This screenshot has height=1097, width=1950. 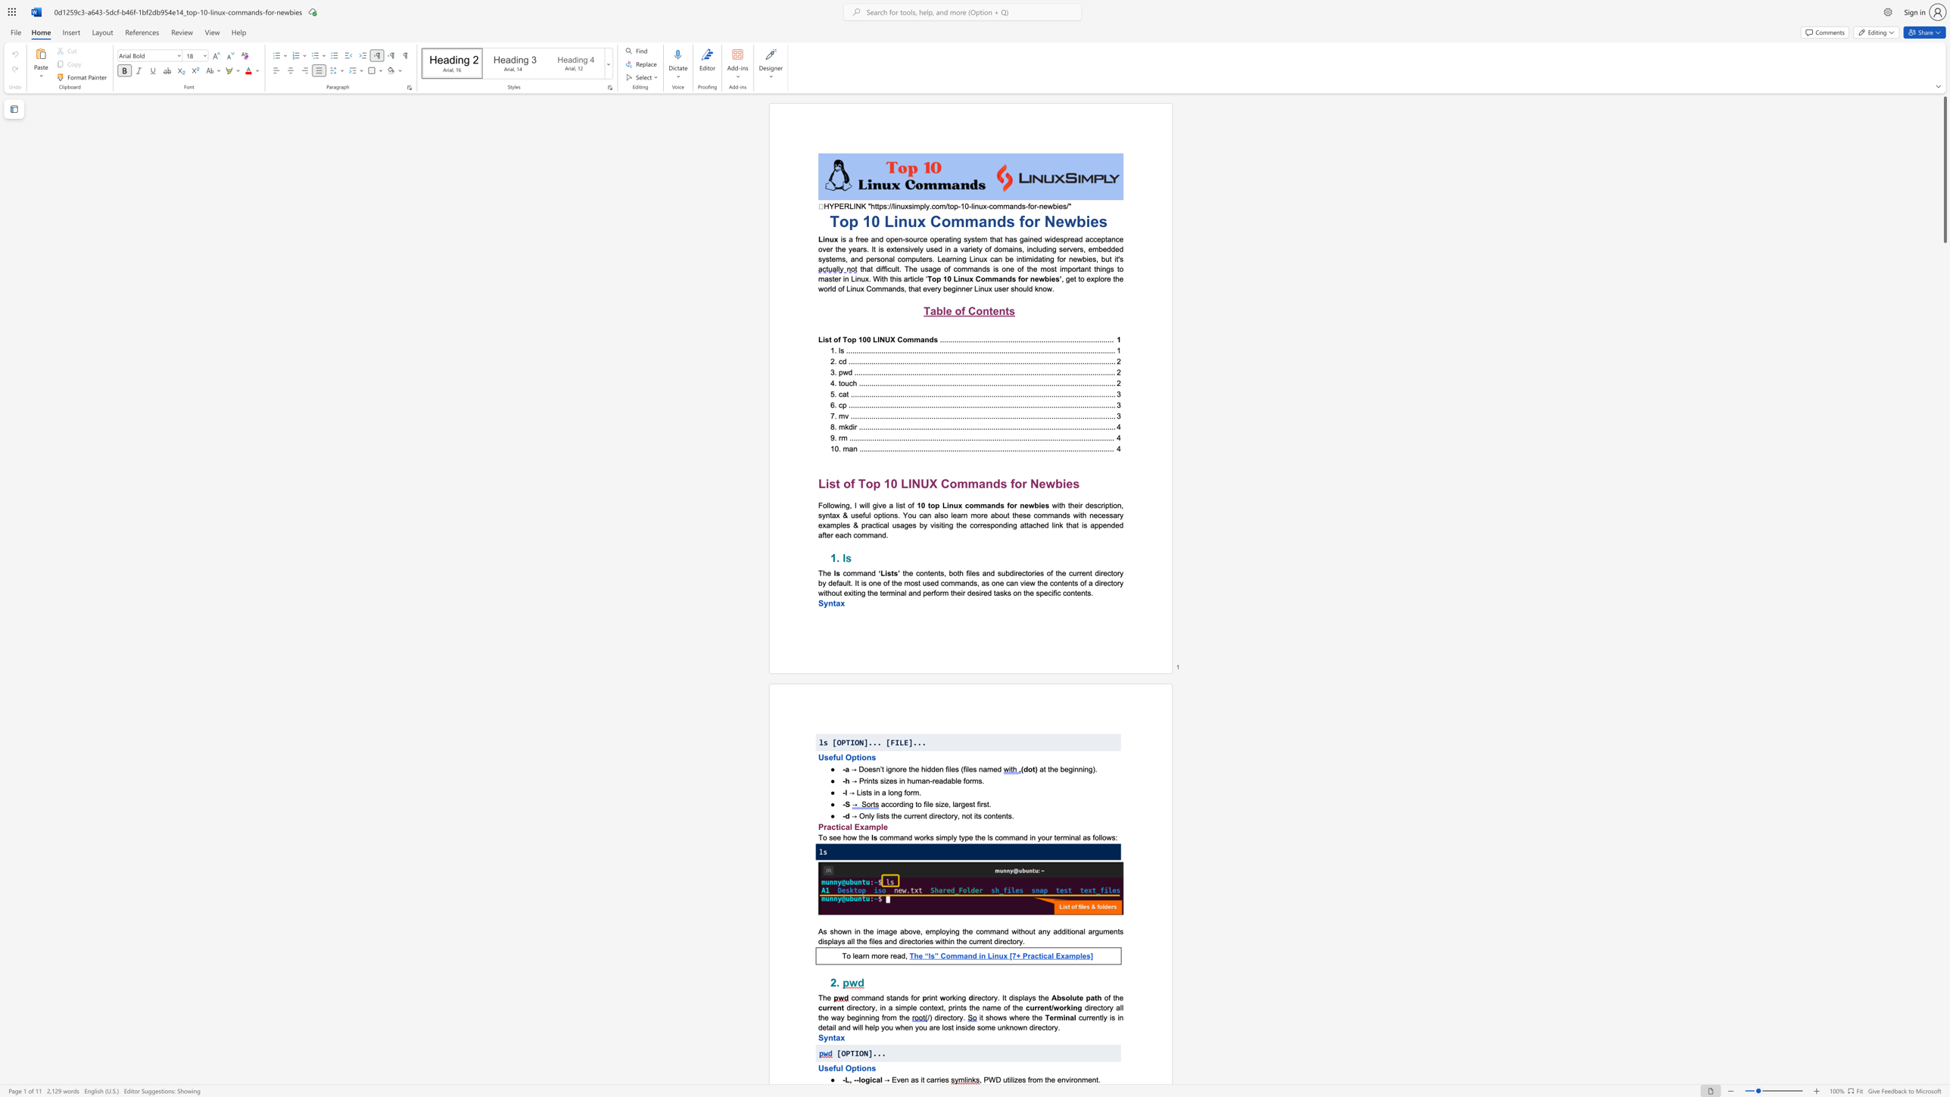 I want to click on the 5th character "o" in the text, so click(x=1026, y=931).